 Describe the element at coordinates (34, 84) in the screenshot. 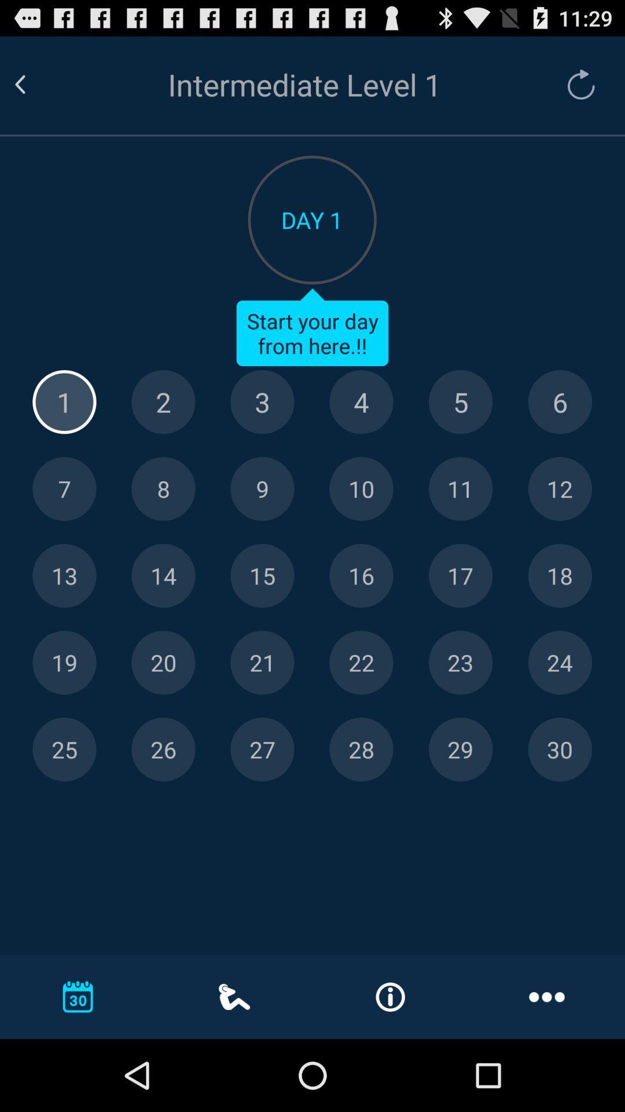

I see `go back` at that location.